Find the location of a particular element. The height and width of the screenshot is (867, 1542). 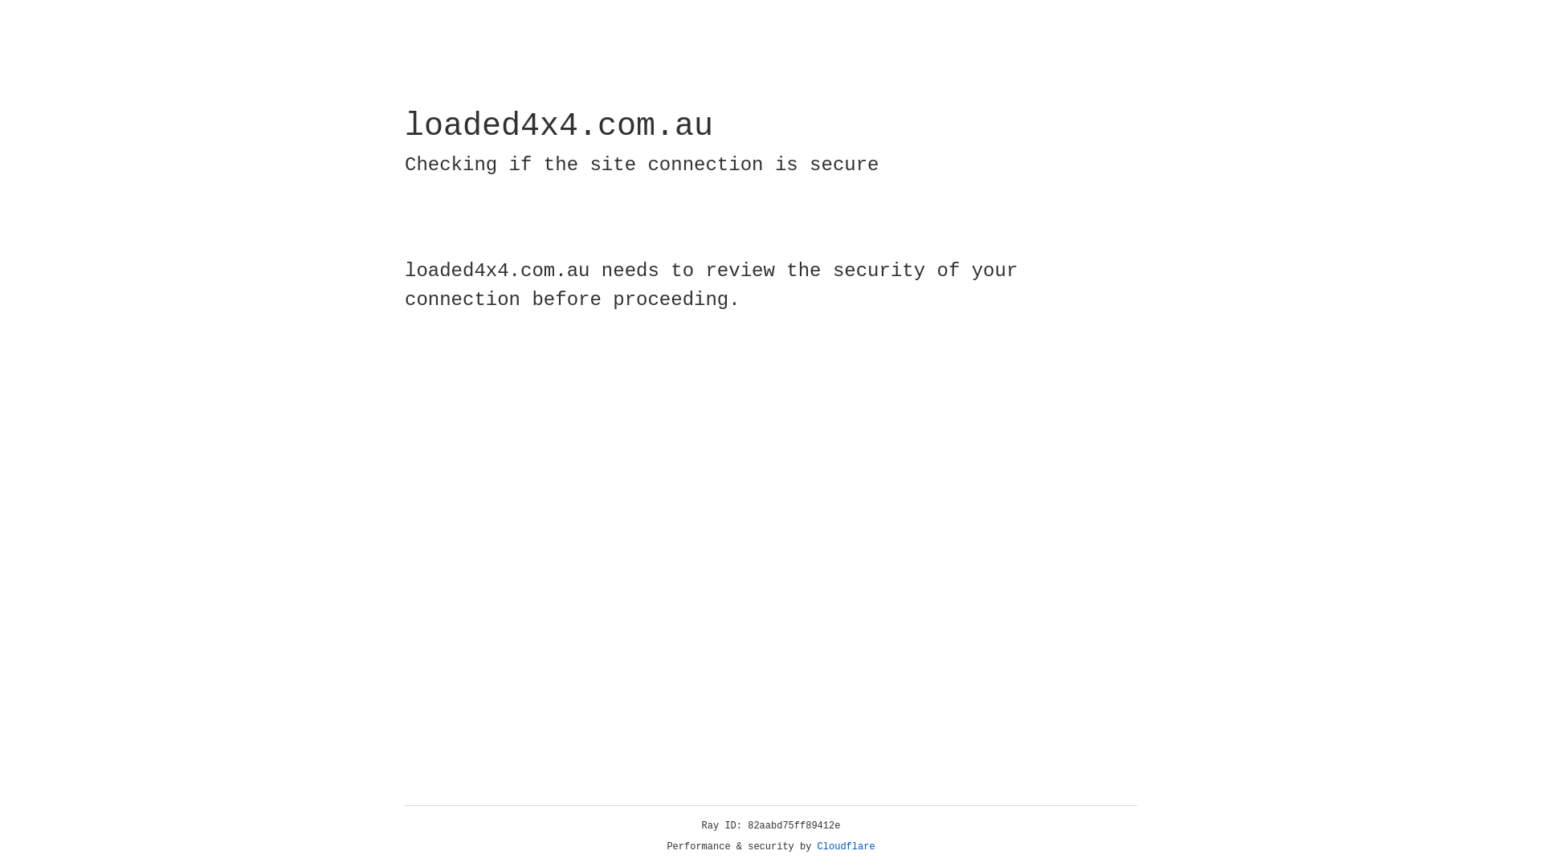

'Cloudflare' is located at coordinates (846, 846).